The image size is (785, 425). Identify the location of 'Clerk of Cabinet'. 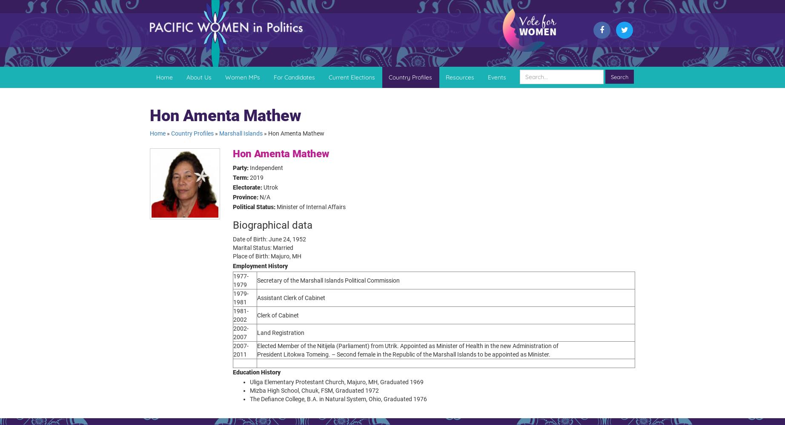
(278, 315).